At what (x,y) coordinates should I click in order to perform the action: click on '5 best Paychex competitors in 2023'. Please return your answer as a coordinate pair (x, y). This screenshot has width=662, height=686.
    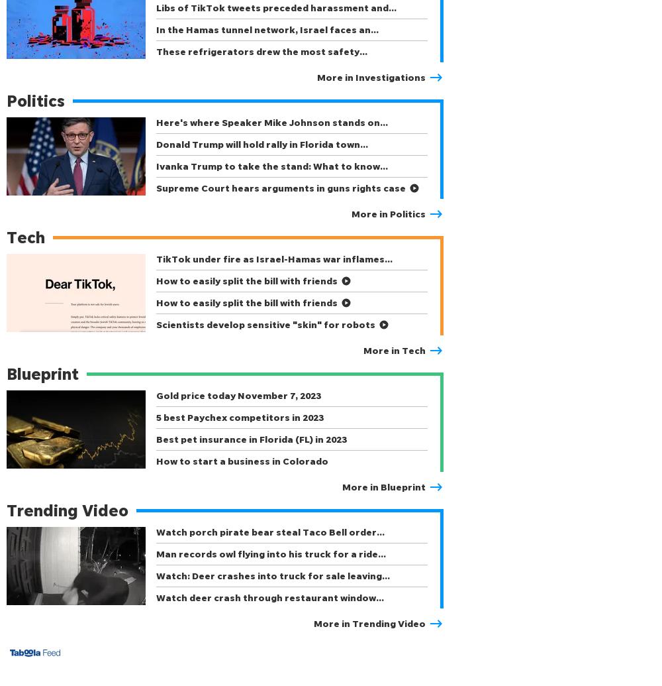
    Looking at the image, I should click on (239, 416).